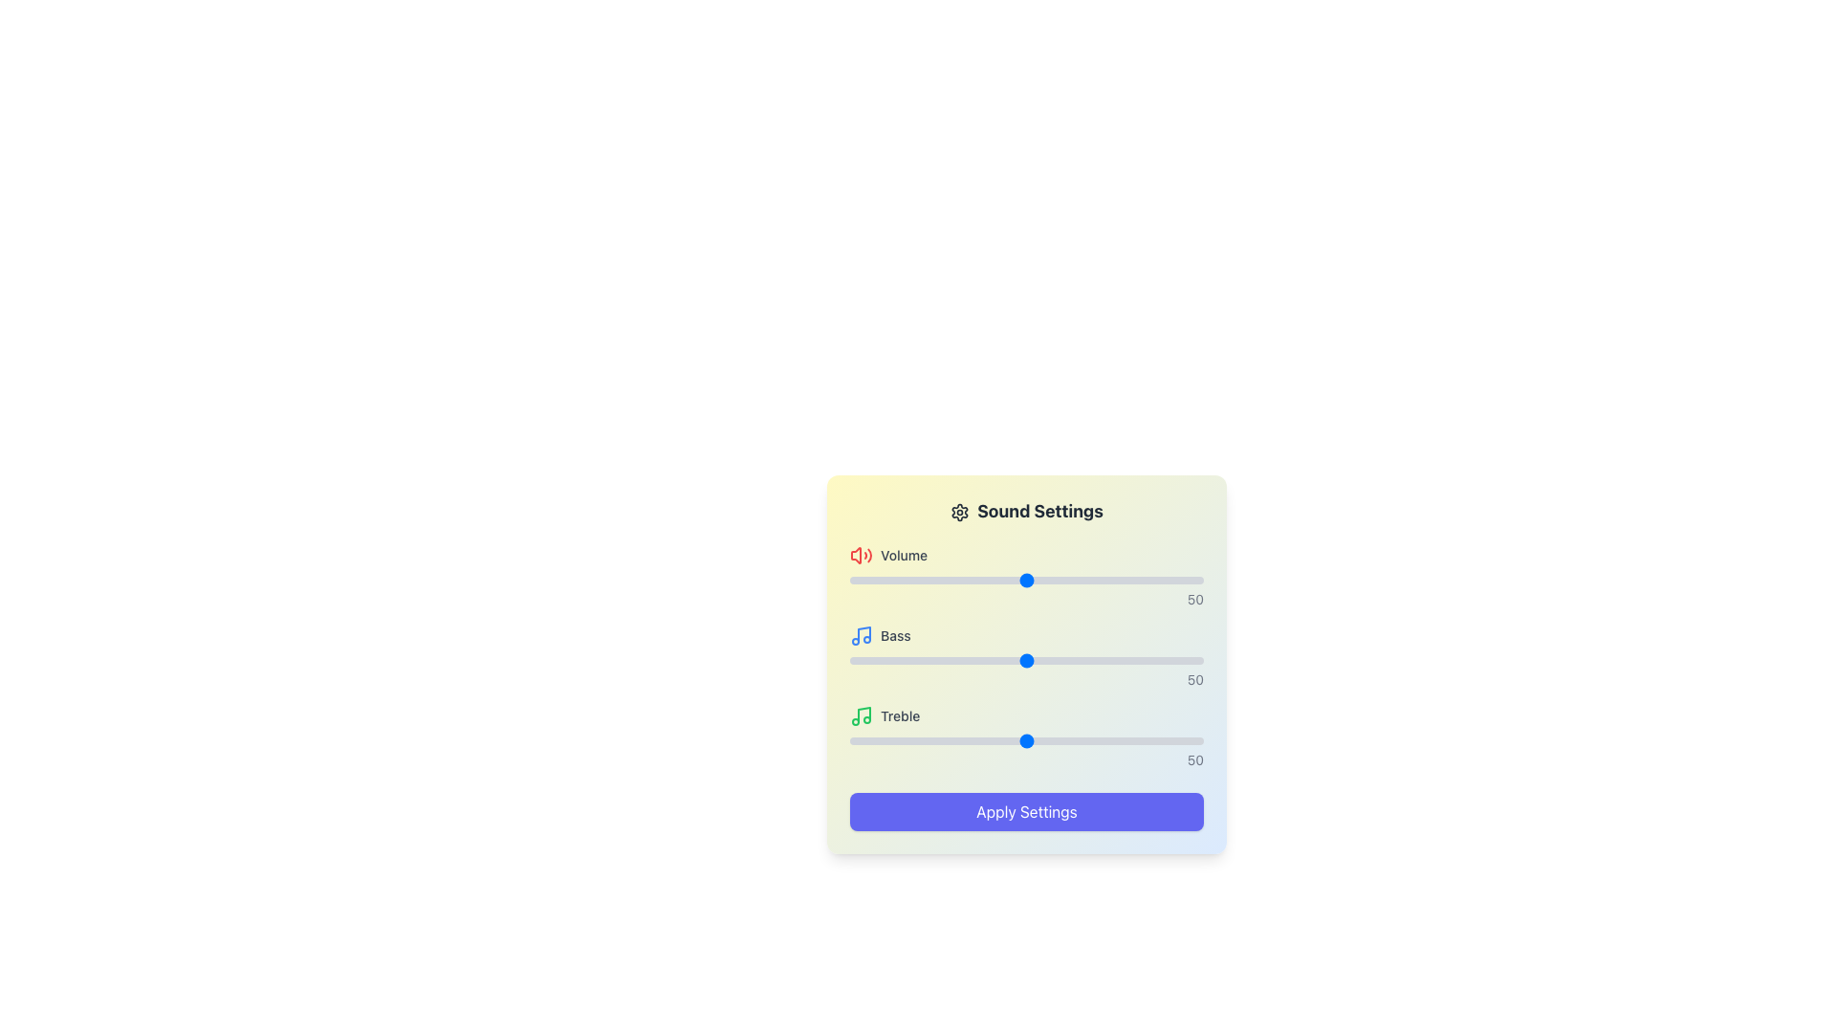 The image size is (1836, 1033). Describe the element at coordinates (852, 740) in the screenshot. I see `the treble level` at that location.